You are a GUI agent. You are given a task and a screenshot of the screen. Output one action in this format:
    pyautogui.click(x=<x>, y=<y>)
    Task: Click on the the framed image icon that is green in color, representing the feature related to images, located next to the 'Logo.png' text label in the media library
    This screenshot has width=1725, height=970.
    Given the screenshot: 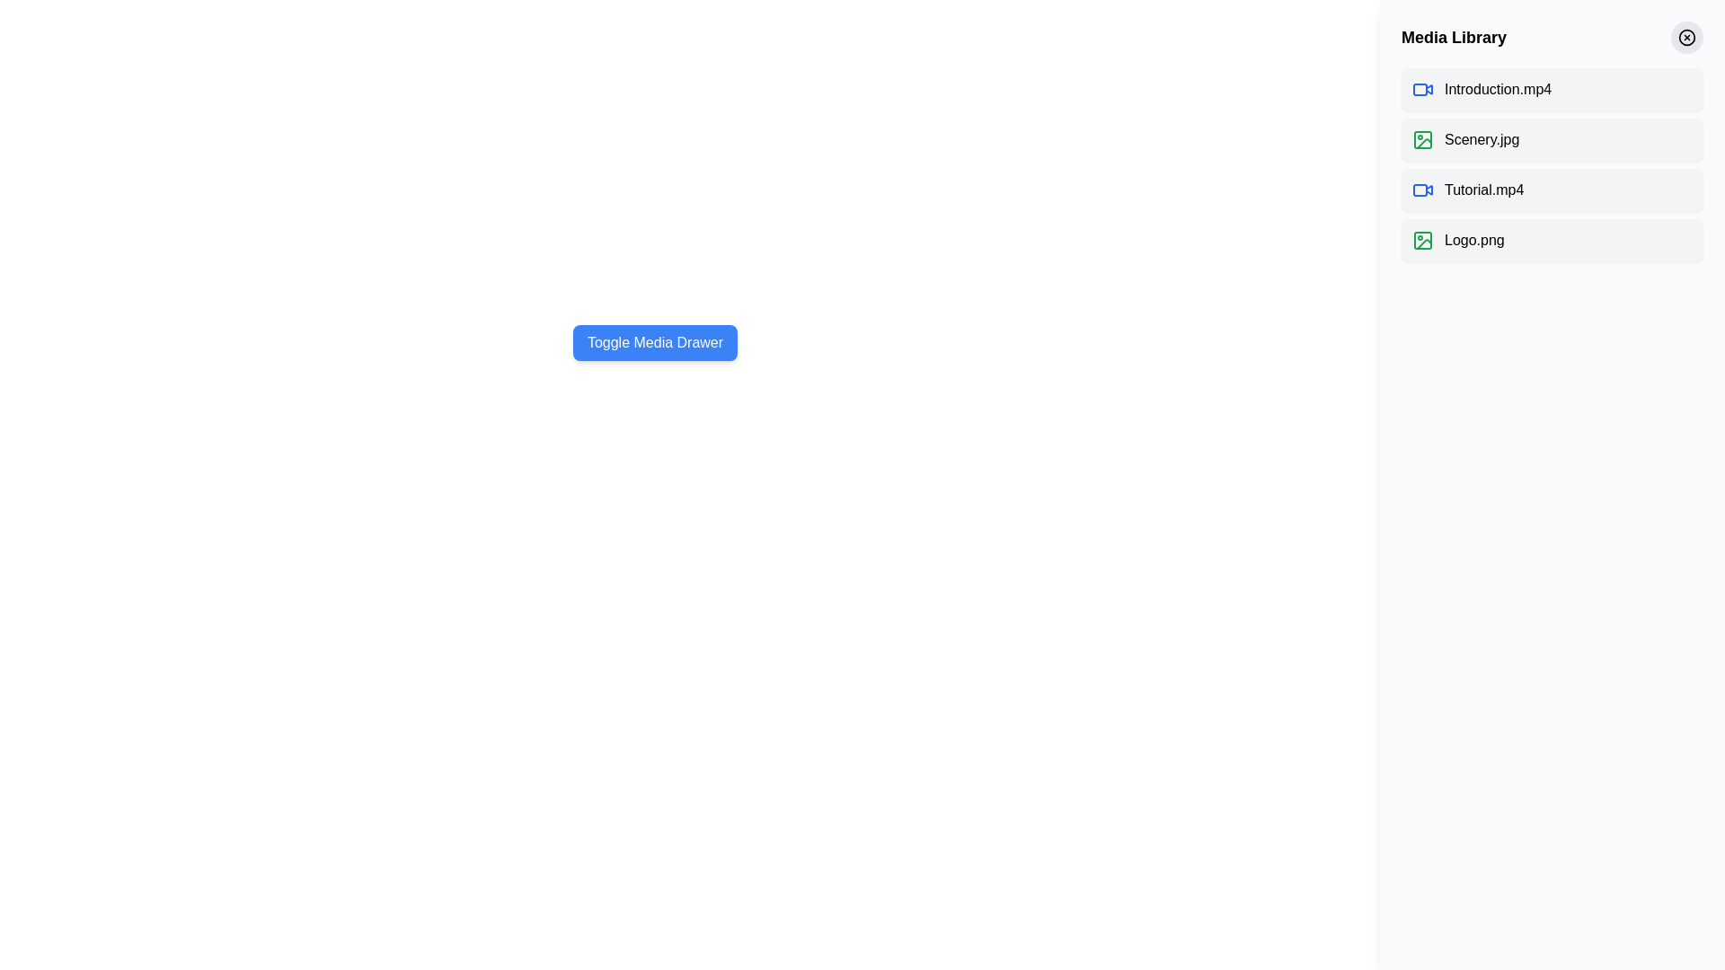 What is the action you would take?
    pyautogui.click(x=1422, y=239)
    